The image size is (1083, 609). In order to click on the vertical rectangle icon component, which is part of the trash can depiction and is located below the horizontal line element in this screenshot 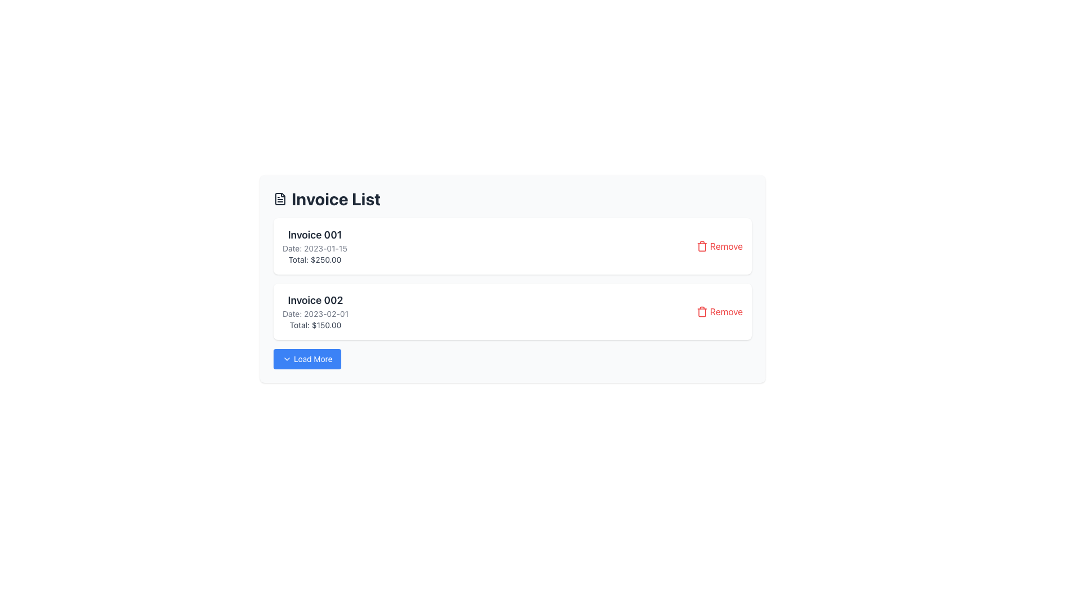, I will do `click(701, 312)`.